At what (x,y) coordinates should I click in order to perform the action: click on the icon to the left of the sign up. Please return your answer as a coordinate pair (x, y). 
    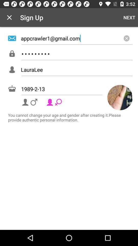
    Looking at the image, I should click on (9, 17).